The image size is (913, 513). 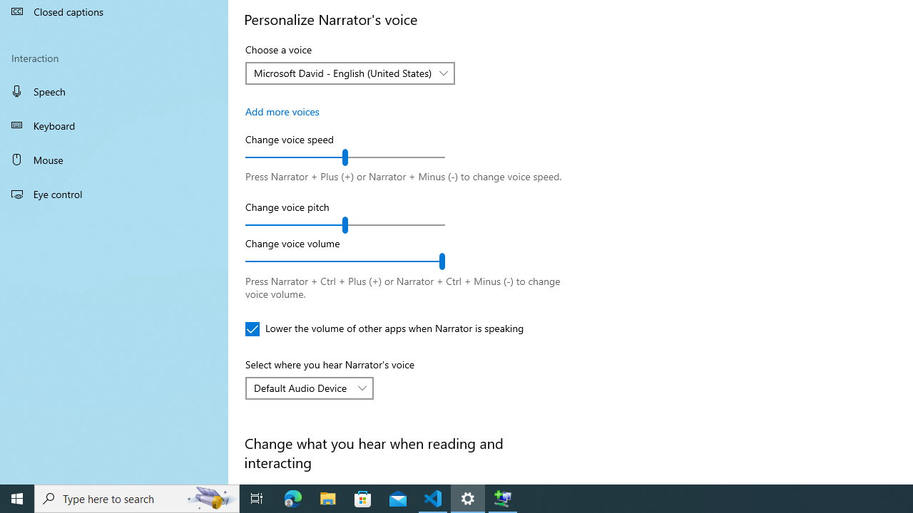 I want to click on 'Microsoft David - English (United States)', so click(x=342, y=73).